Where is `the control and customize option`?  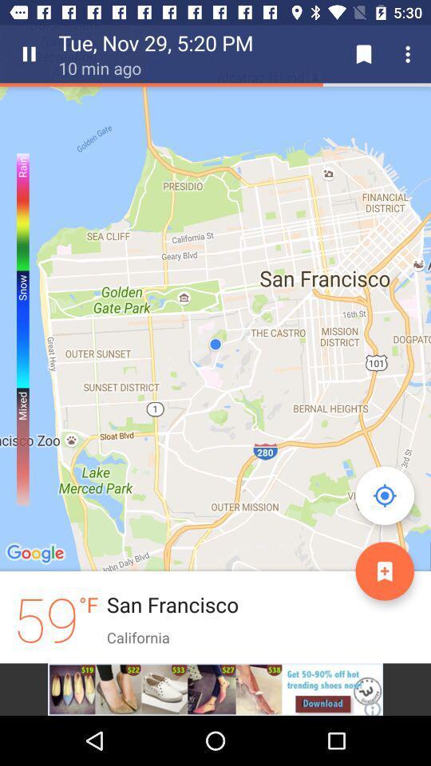 the control and customize option is located at coordinates (410, 54).